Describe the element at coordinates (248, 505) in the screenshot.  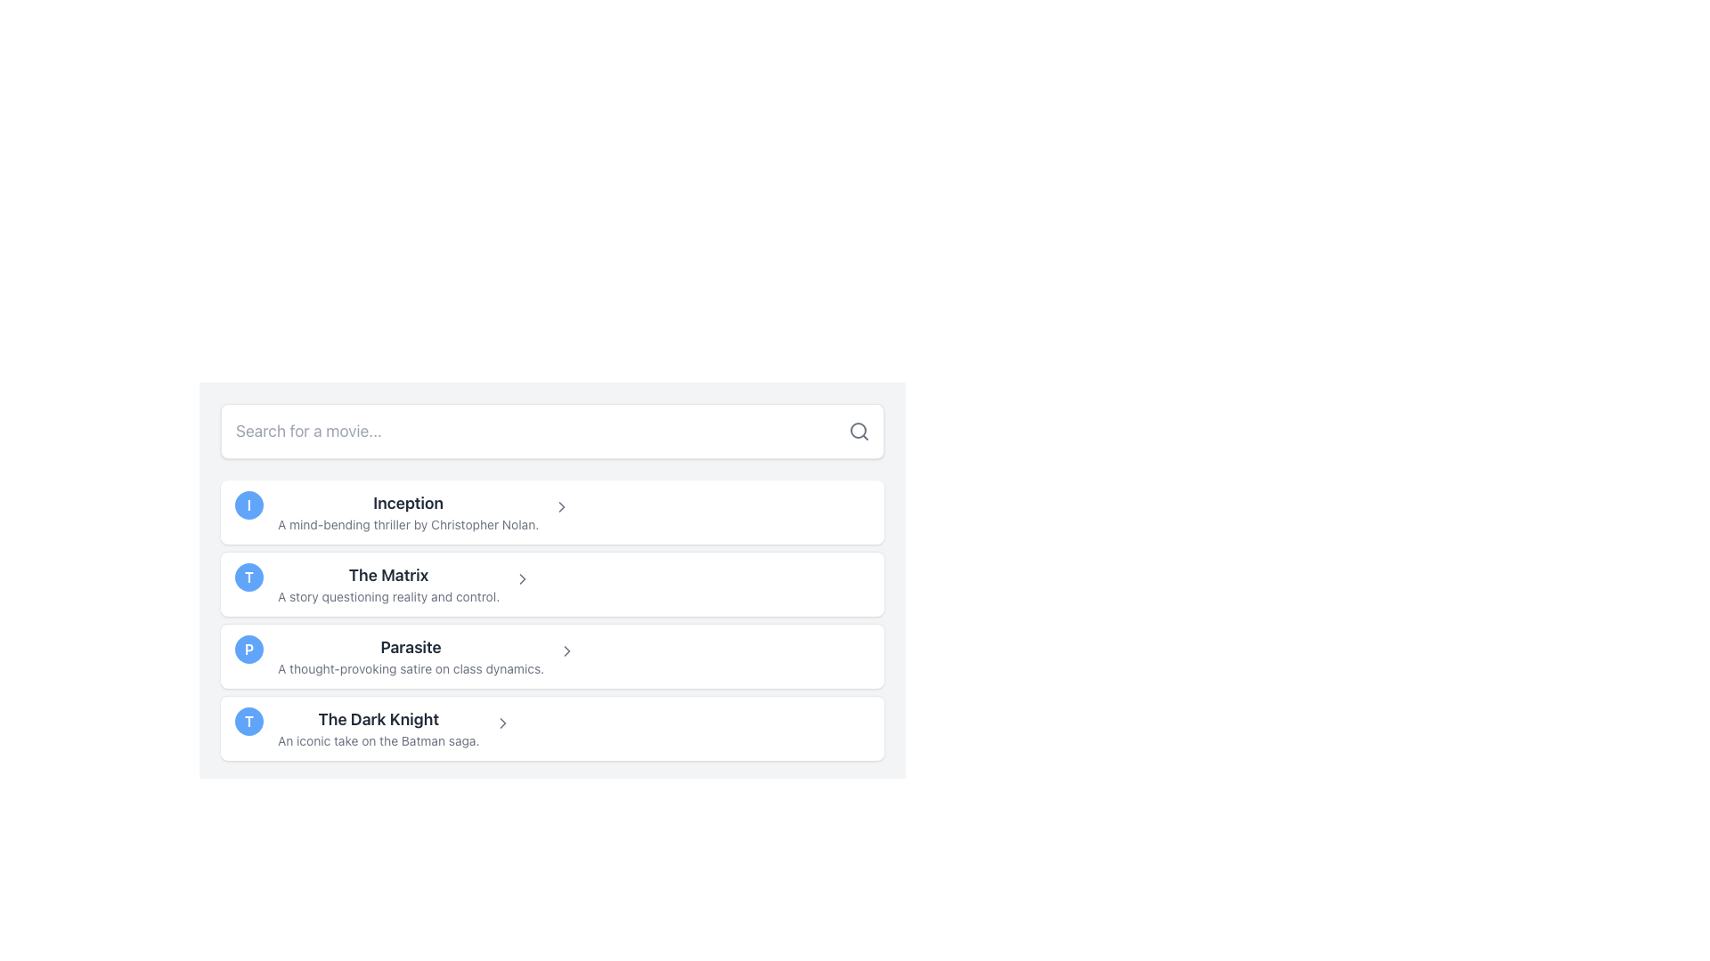
I see `the content of the circular blue Icon Badge containing a white letter 'I' located at the top left of the 'Inception' movie card` at that location.